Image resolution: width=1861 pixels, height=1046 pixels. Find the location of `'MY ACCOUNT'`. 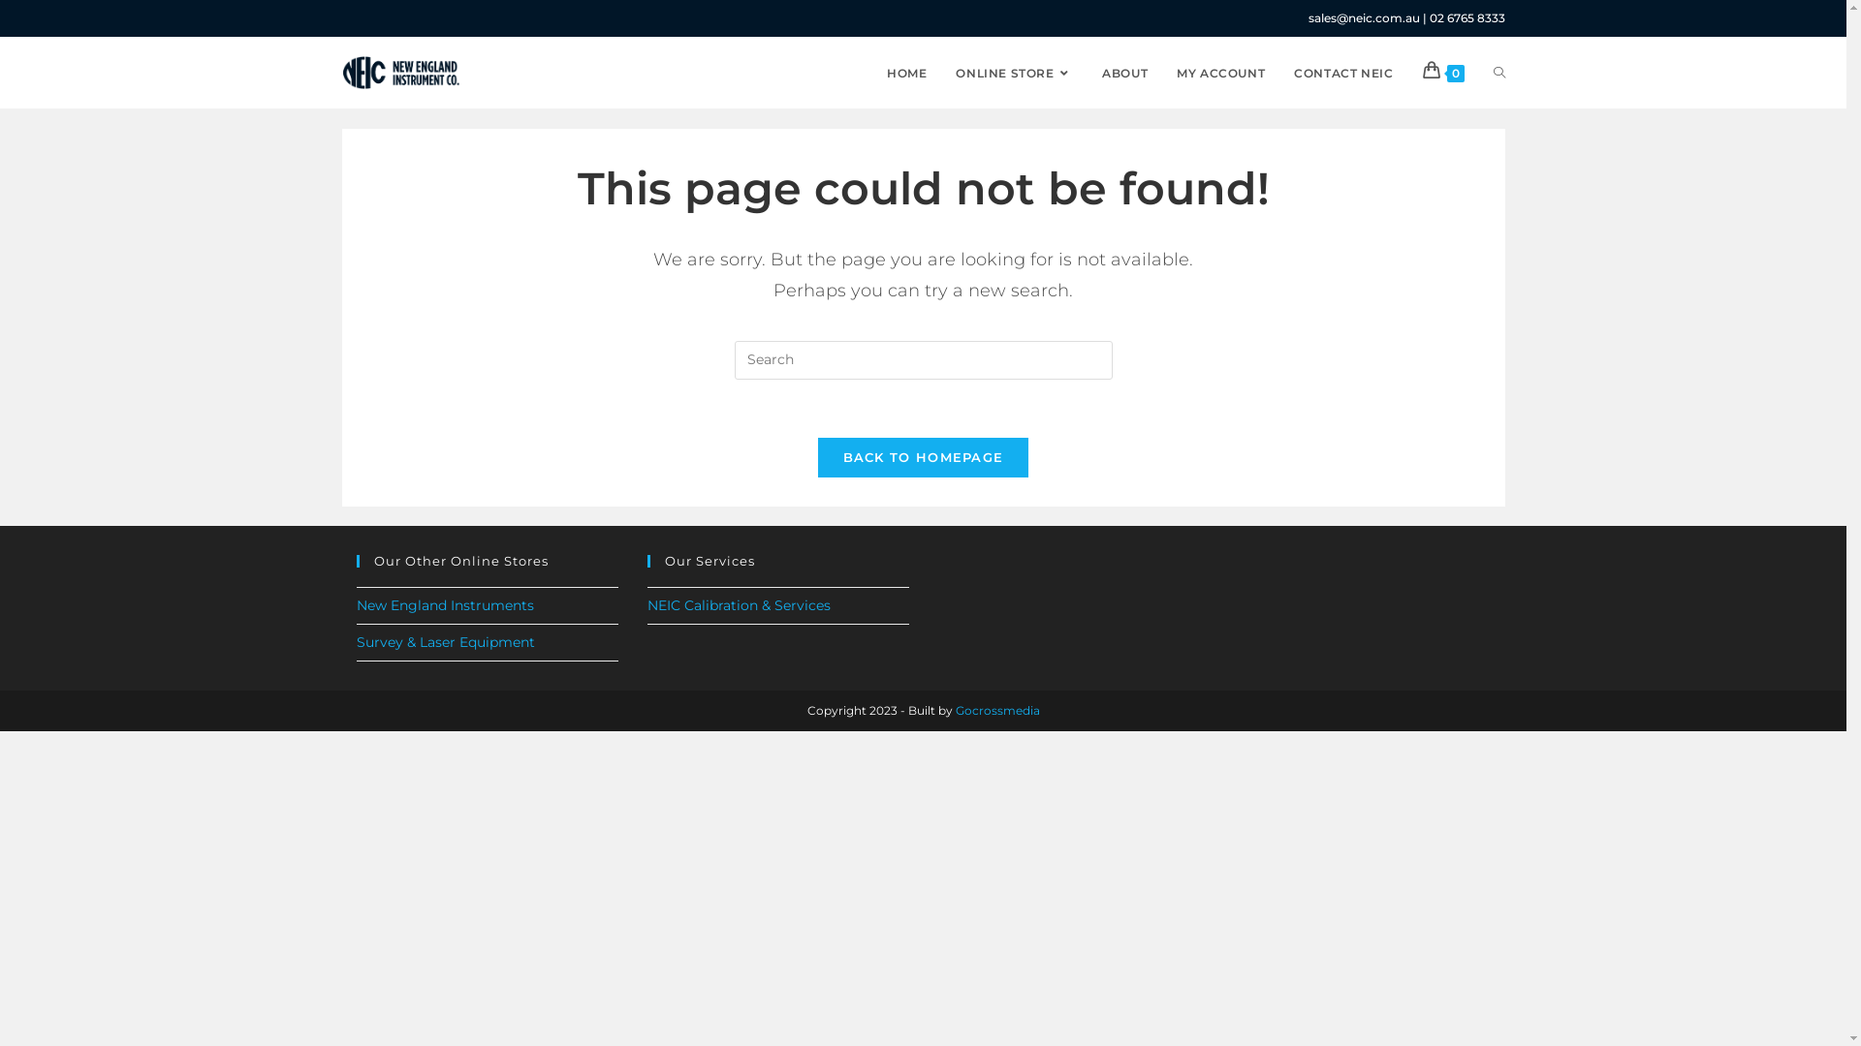

'MY ACCOUNT' is located at coordinates (1219, 72).